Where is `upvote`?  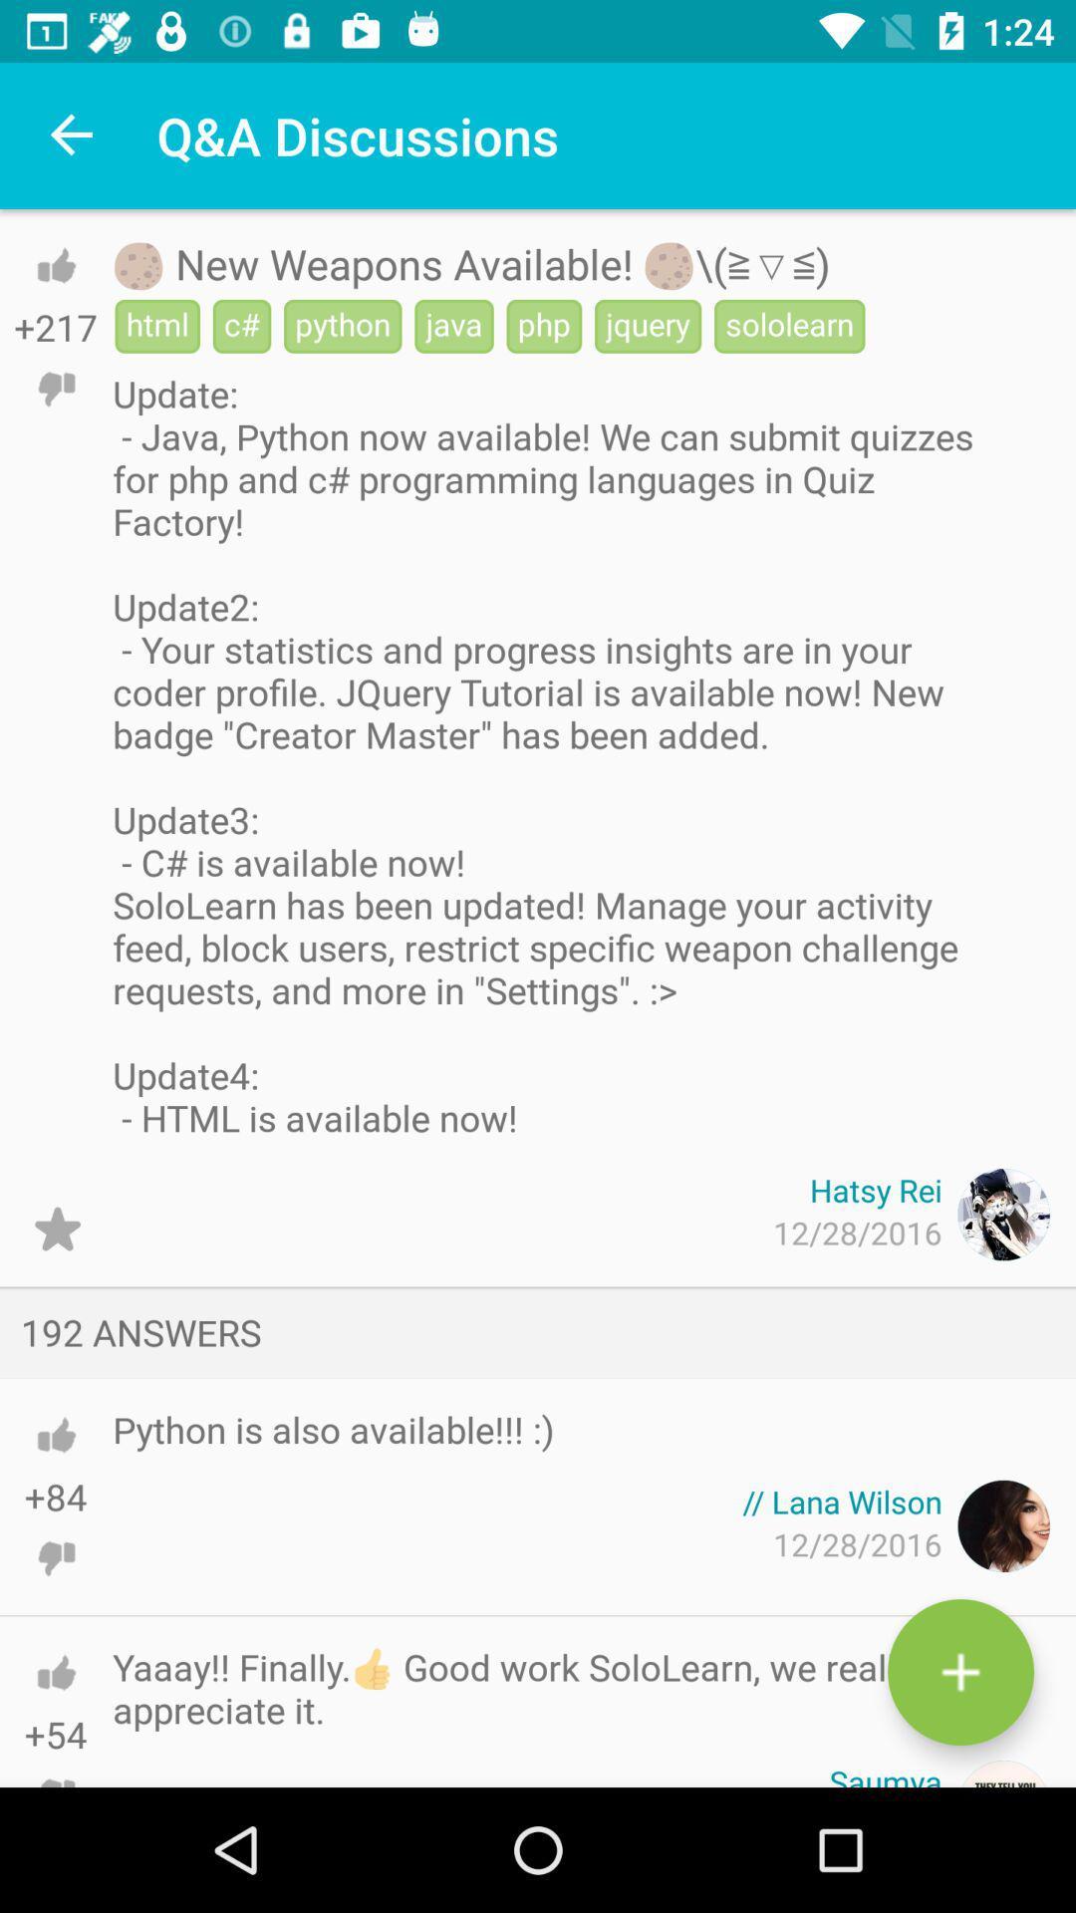 upvote is located at coordinates (55, 1672).